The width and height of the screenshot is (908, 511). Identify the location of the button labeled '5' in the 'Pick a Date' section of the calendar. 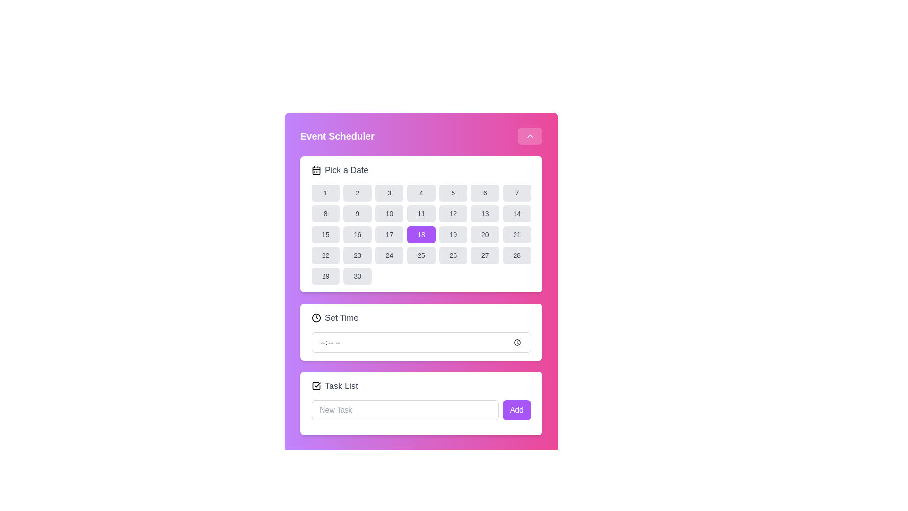
(453, 193).